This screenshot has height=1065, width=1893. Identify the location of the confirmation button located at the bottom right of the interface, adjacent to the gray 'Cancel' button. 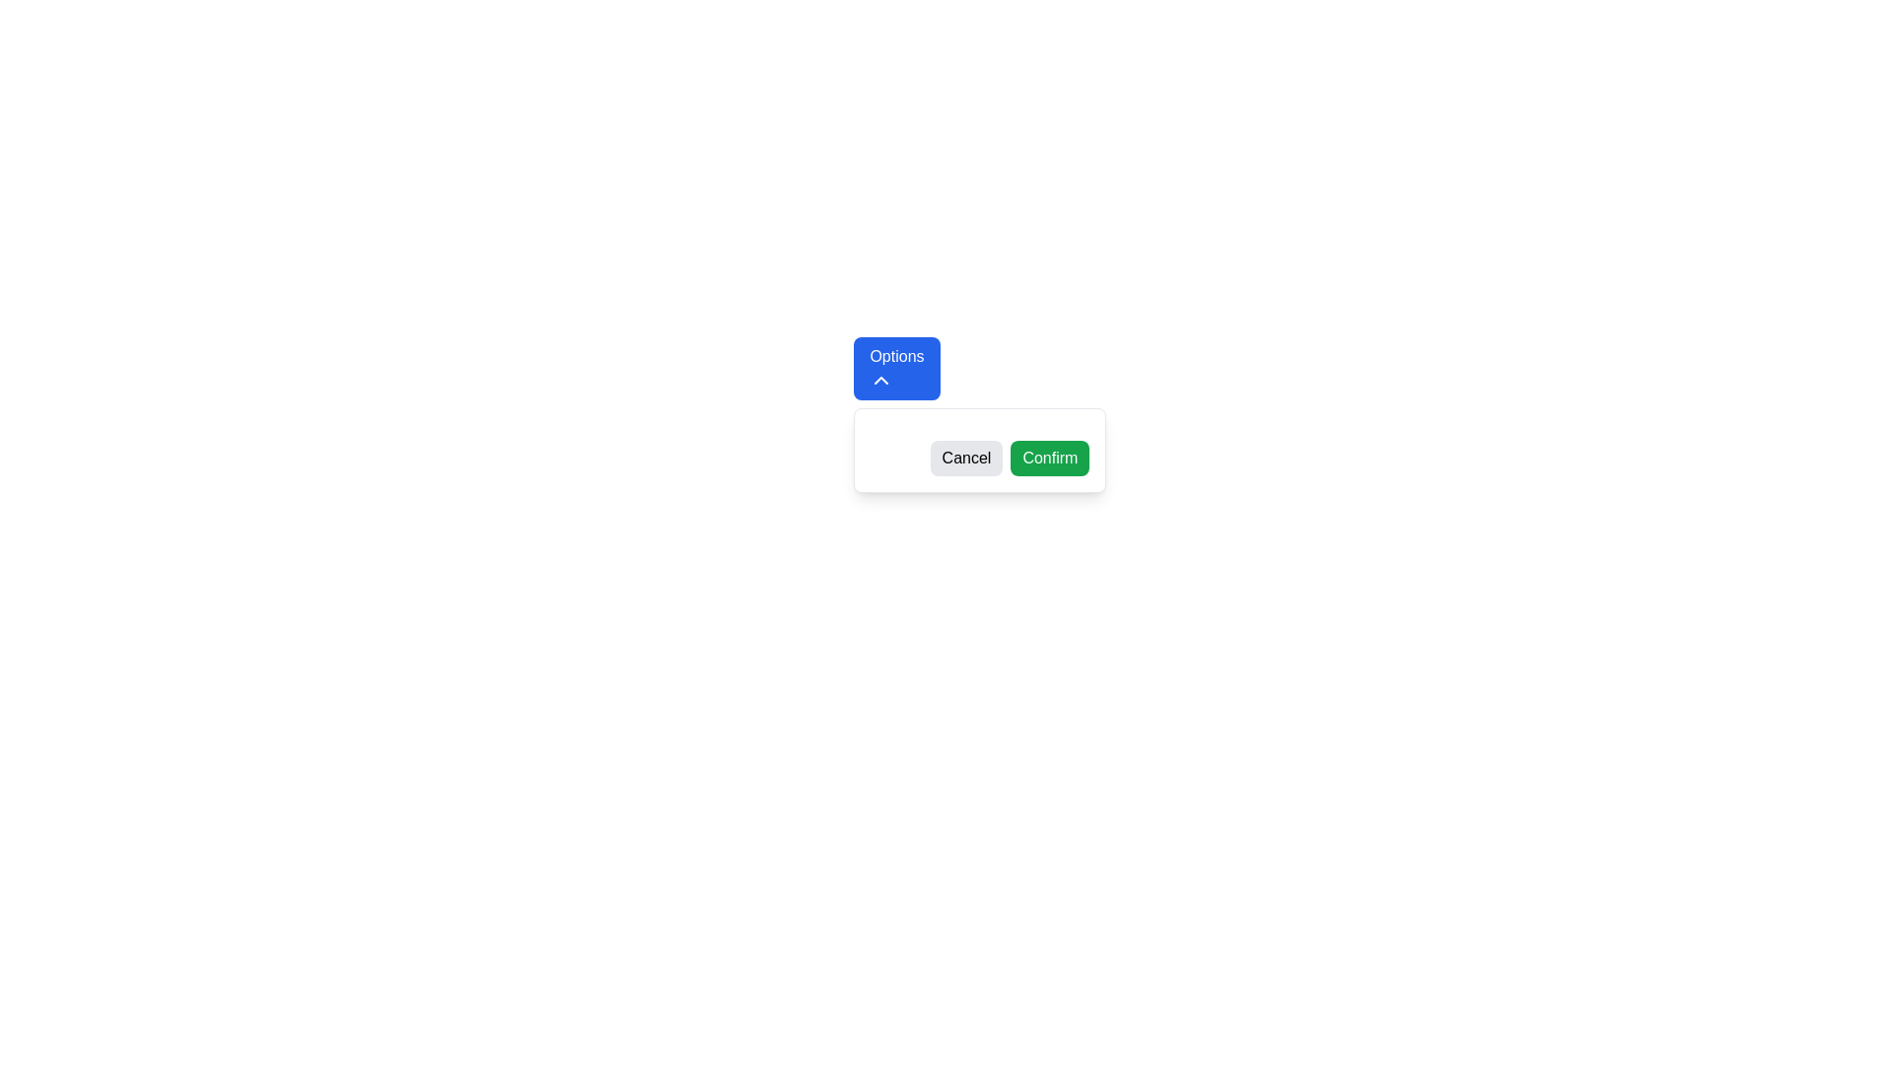
(1049, 459).